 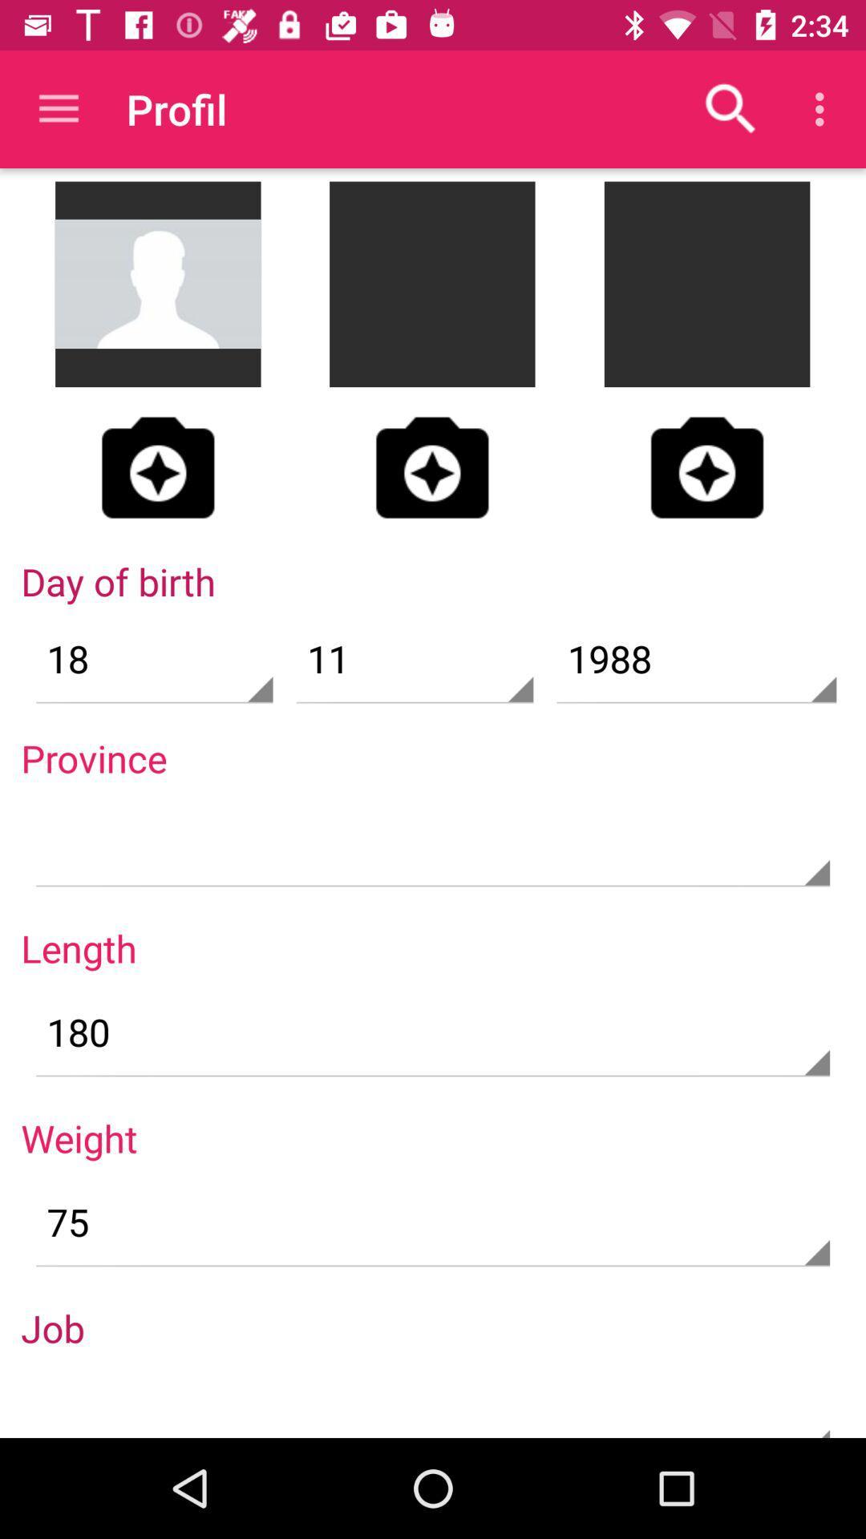 I want to click on take a photo, so click(x=431, y=467).